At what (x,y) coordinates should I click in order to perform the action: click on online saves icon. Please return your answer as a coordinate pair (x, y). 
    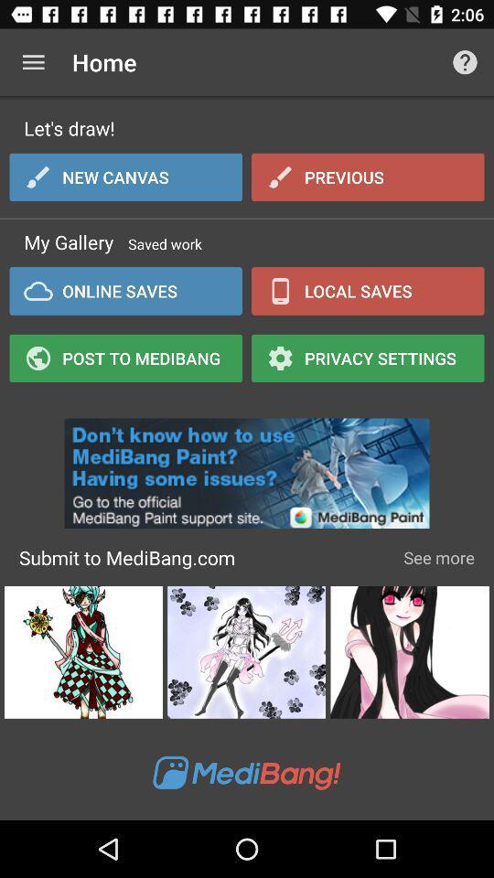
    Looking at the image, I should click on (124, 291).